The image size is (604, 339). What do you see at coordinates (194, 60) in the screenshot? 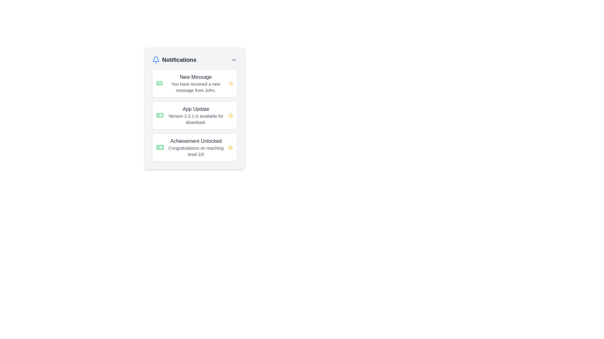
I see `the header section that contains the icon and text, which indicates the content of the notification section` at bounding box center [194, 60].